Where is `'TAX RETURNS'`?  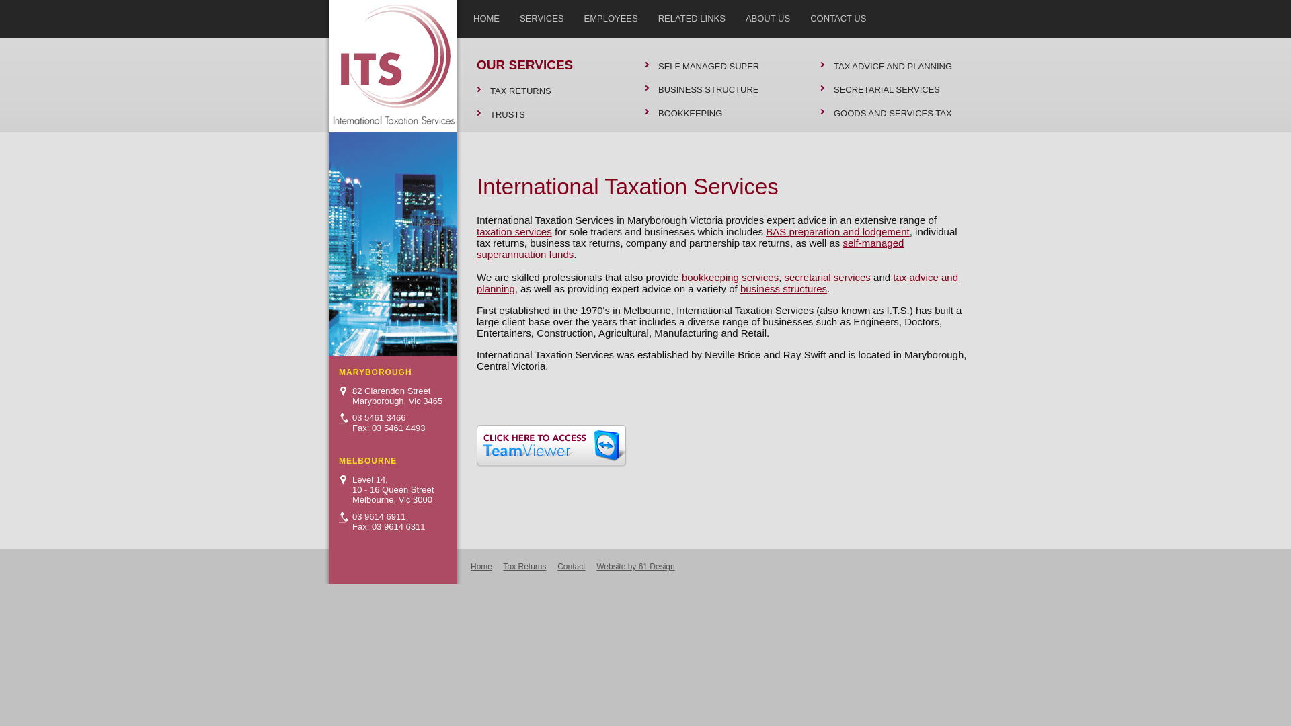
'TAX RETURNS' is located at coordinates (551, 91).